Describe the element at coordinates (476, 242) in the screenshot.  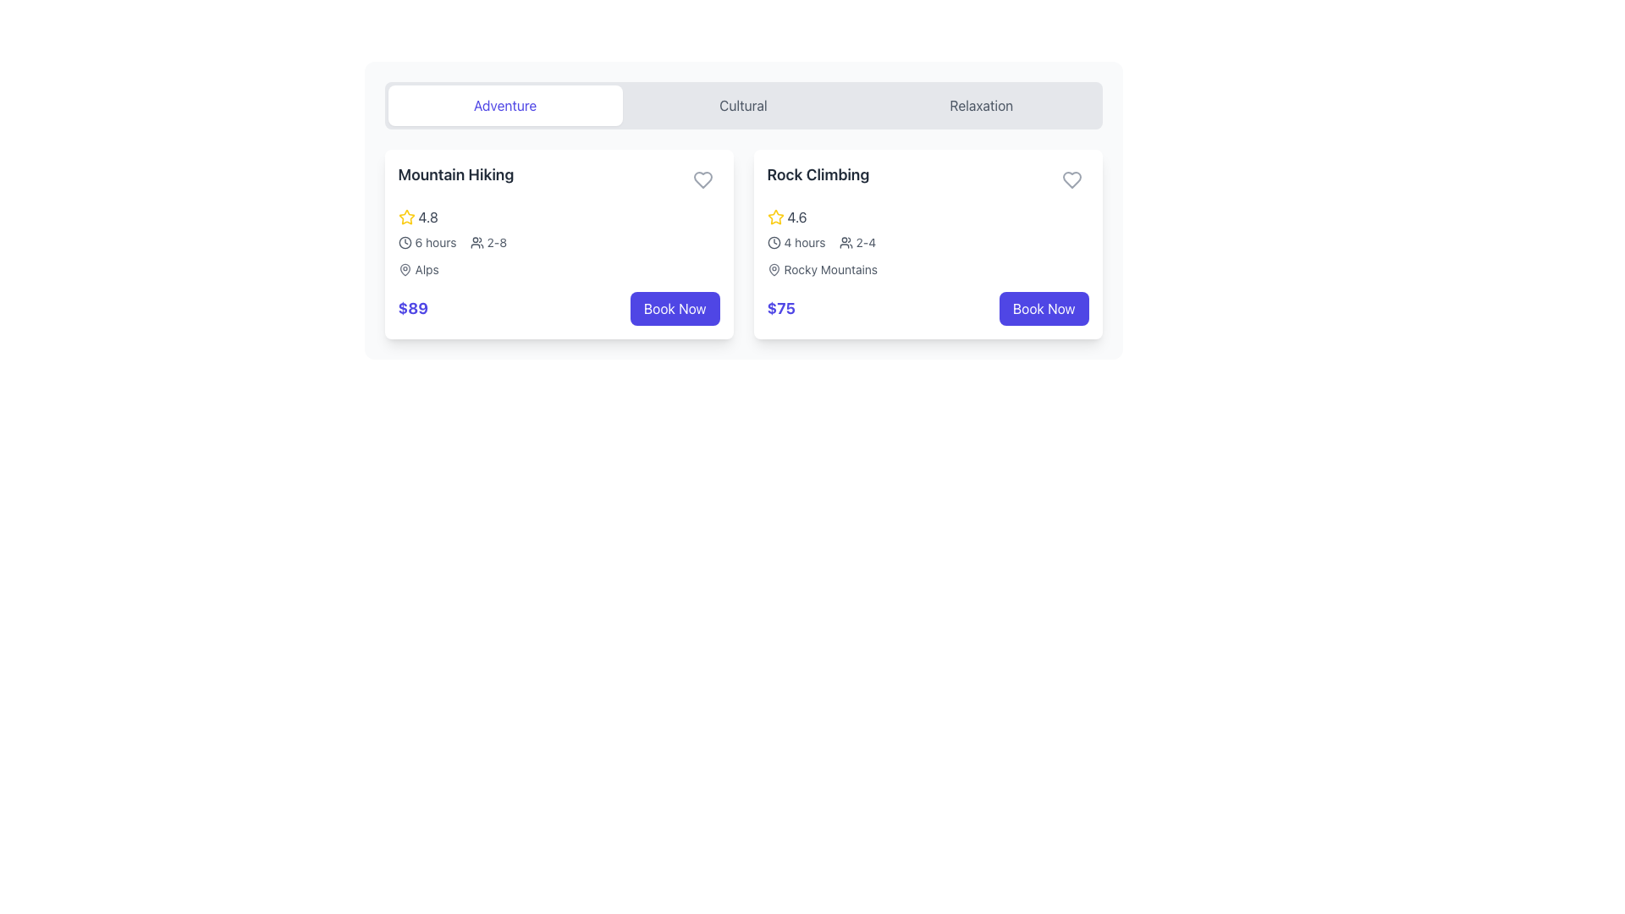
I see `the group icon, which resembles two stylized persons and is located under the 'Mountain Hiking' title, to the right of the clock icon and immediately left of the text '2-8'` at that location.